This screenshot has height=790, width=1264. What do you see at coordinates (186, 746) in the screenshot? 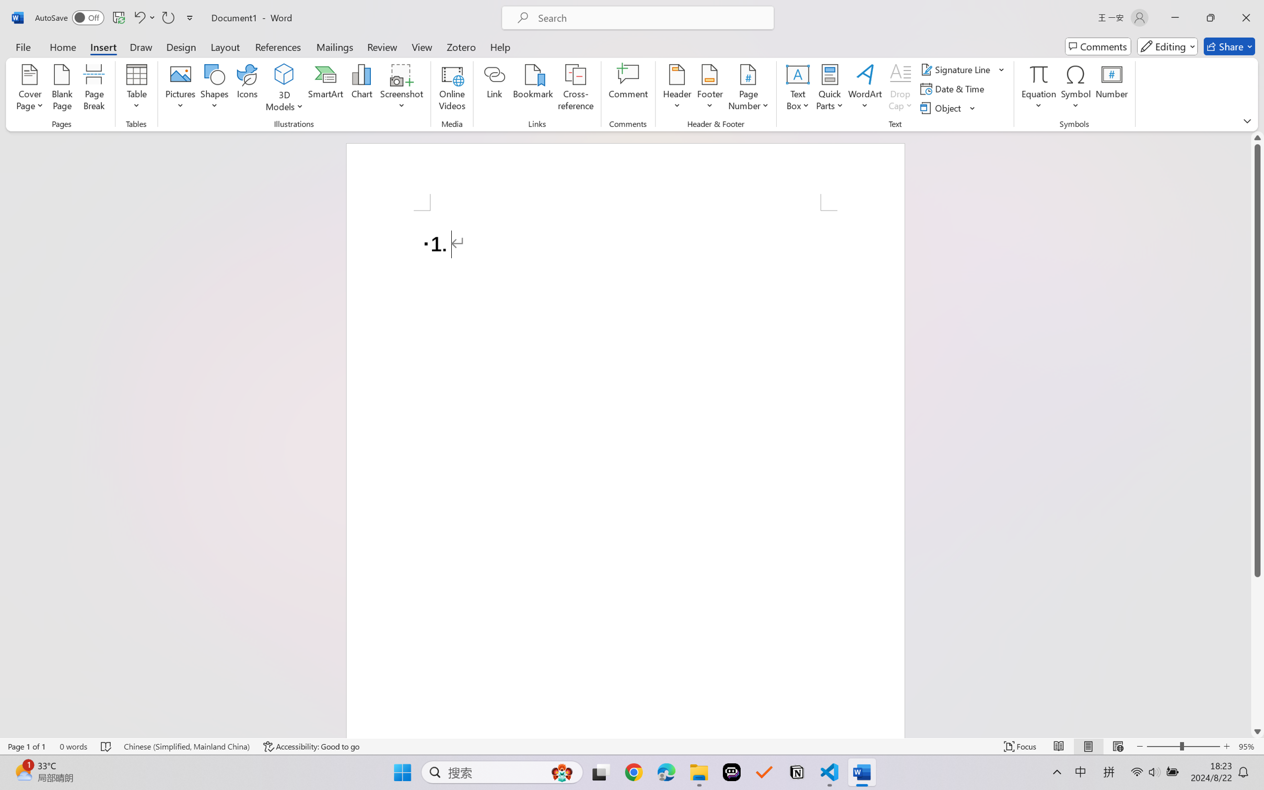
I see `'Language Chinese (Simplified, Mainland China)'` at bounding box center [186, 746].